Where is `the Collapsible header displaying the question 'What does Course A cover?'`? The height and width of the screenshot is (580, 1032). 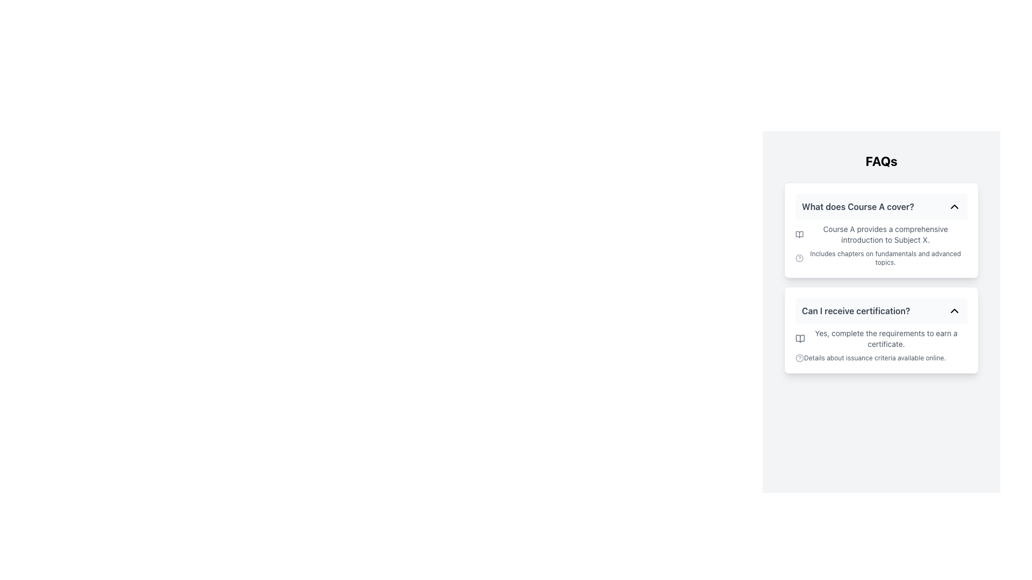
the Collapsible header displaying the question 'What does Course A cover?' is located at coordinates (881, 207).